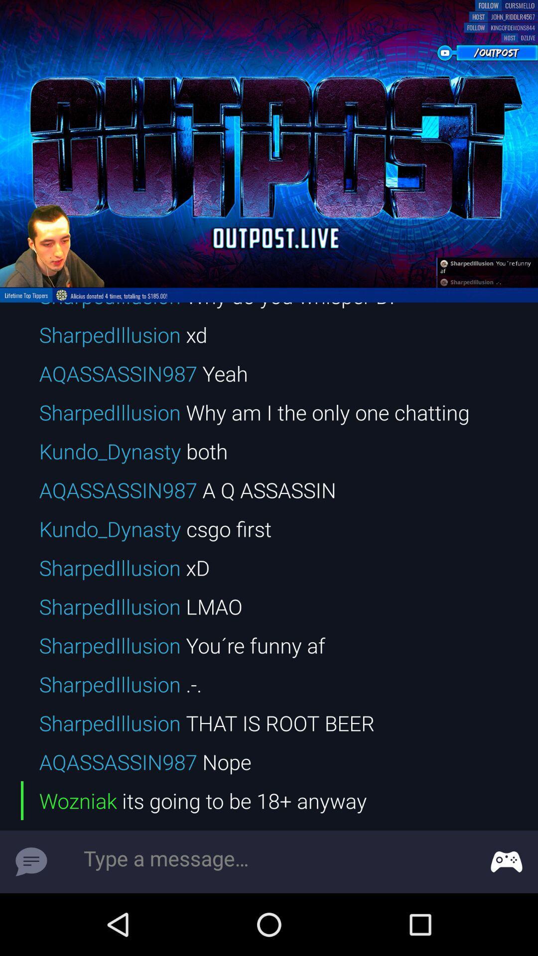 This screenshot has width=538, height=956. Describe the element at coordinates (507, 861) in the screenshot. I see `the chat icon` at that location.